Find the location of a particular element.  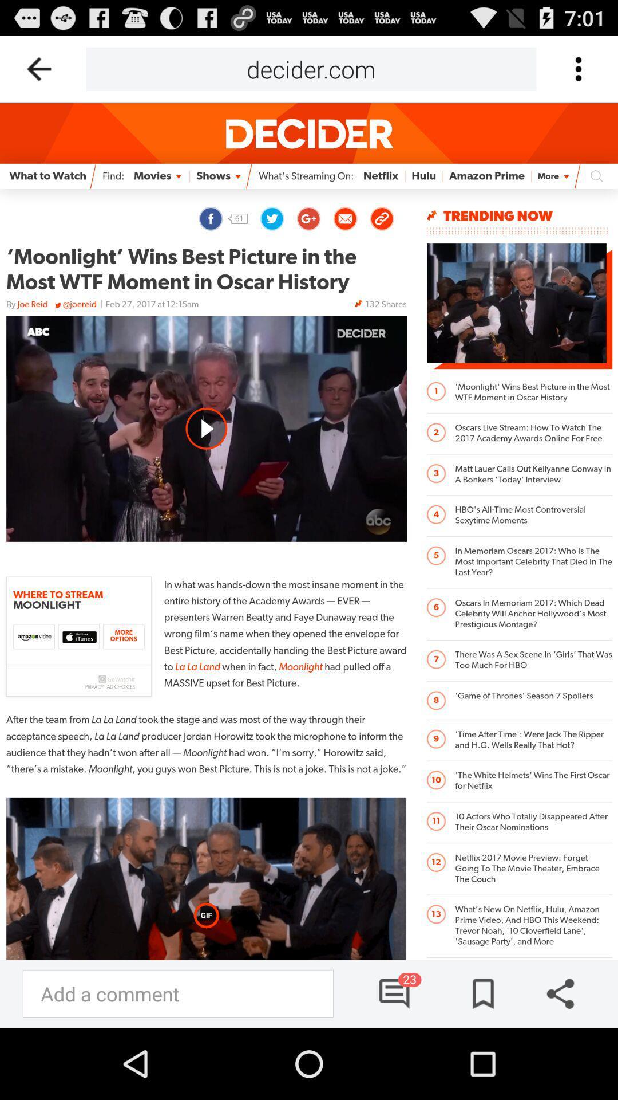

click for more is located at coordinates (577, 68).